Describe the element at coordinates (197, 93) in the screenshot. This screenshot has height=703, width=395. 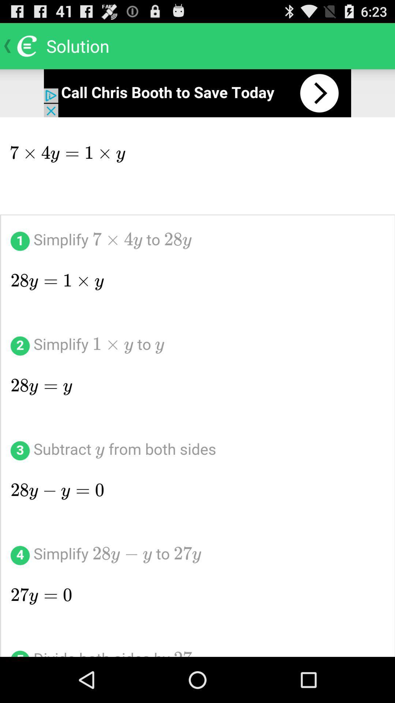
I see `previou page` at that location.